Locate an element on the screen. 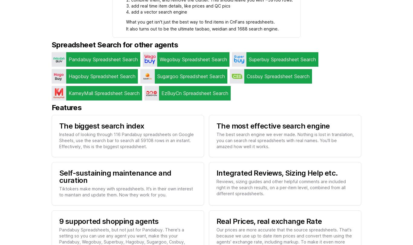  'Pandabuy spreadsheets on Google Sheets, use the search bar to search all' is located at coordinates (59, 137).